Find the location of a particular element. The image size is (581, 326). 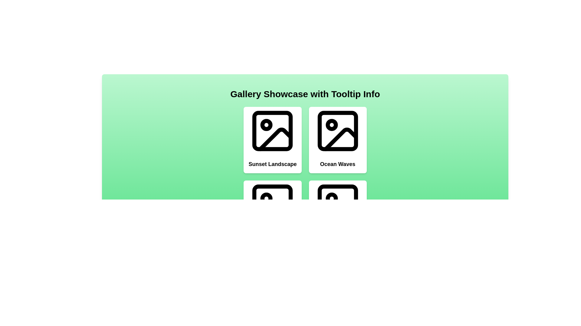

the small circular graphic with a white fill and black border located in the top-left corner of the picture frame icon within the first card of the gallery grid layout is located at coordinates (266, 124).